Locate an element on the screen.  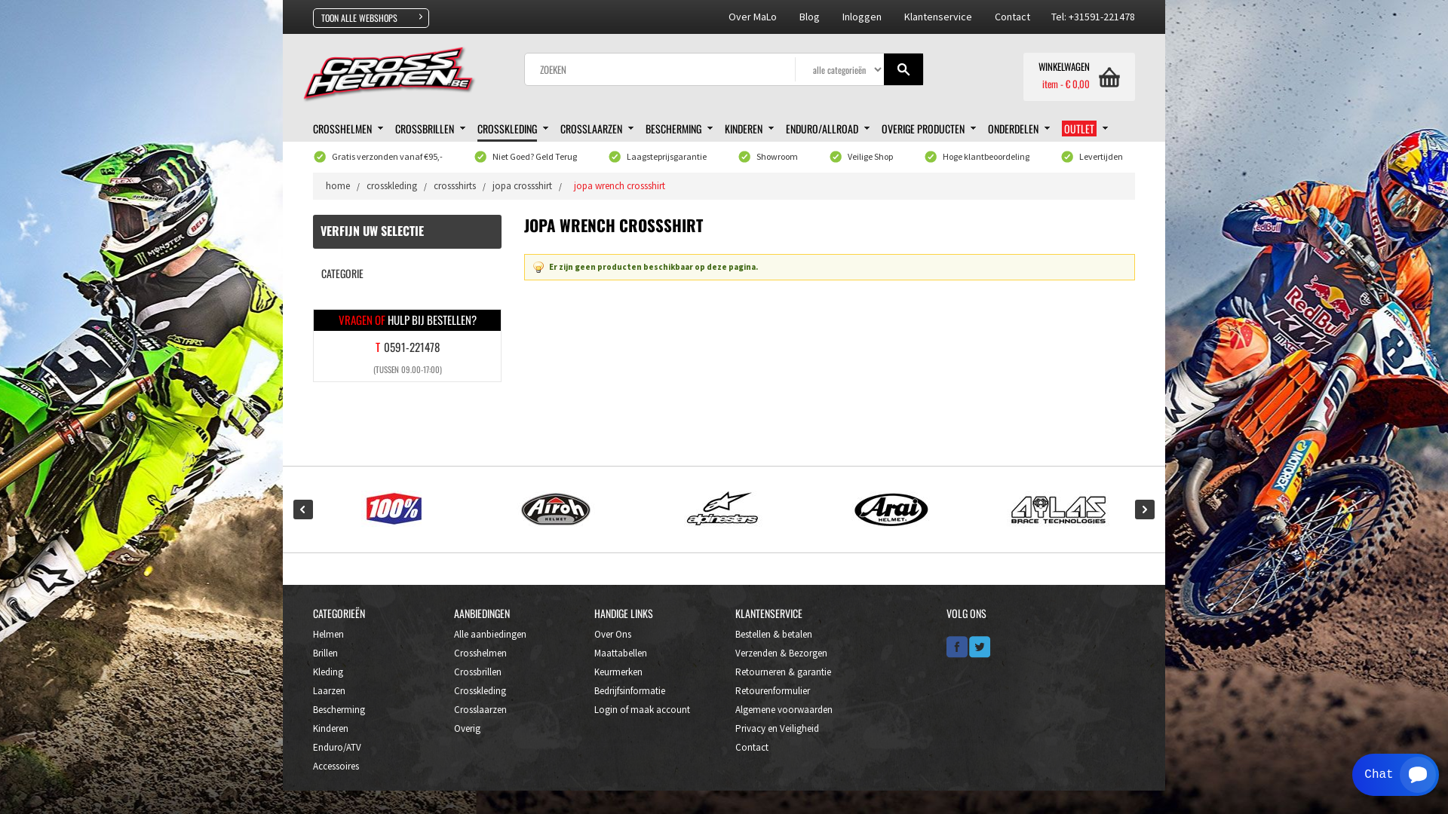
'Laagsteprijsgarantie' is located at coordinates (626, 156).